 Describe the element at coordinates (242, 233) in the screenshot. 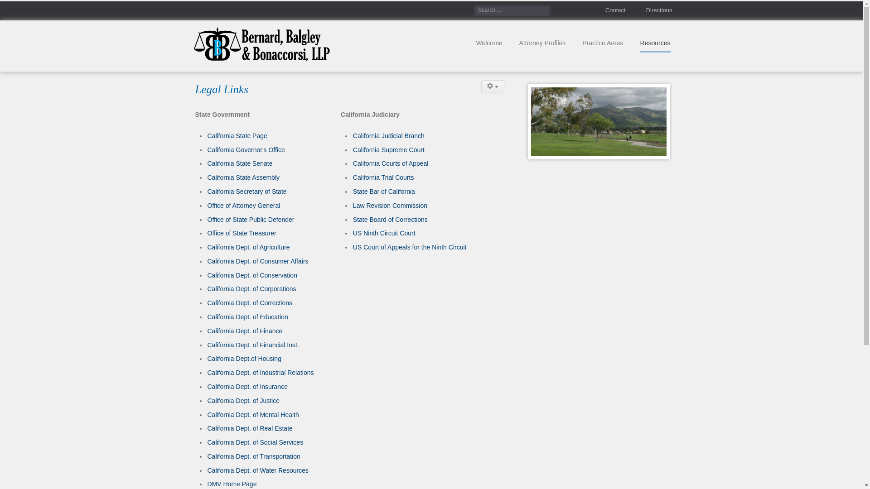

I see `'Office of State Treasurer'` at that location.